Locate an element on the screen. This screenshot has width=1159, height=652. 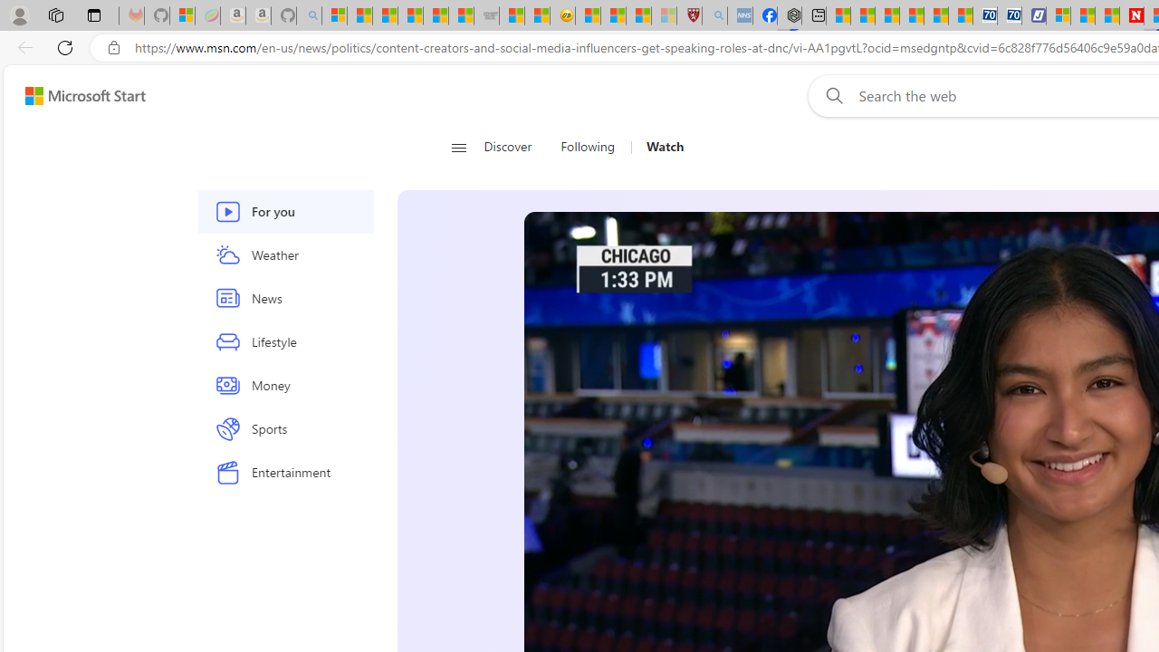
'Cheap Car Rentals - Save70.com' is located at coordinates (984, 15).